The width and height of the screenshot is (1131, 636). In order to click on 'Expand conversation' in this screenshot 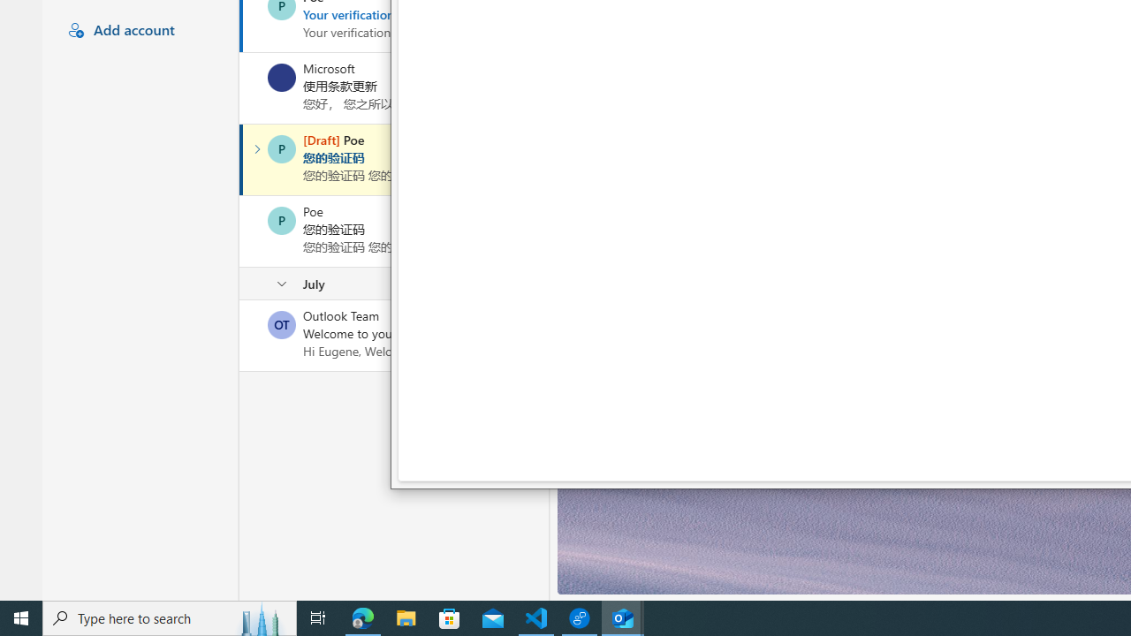, I will do `click(256, 148)`.